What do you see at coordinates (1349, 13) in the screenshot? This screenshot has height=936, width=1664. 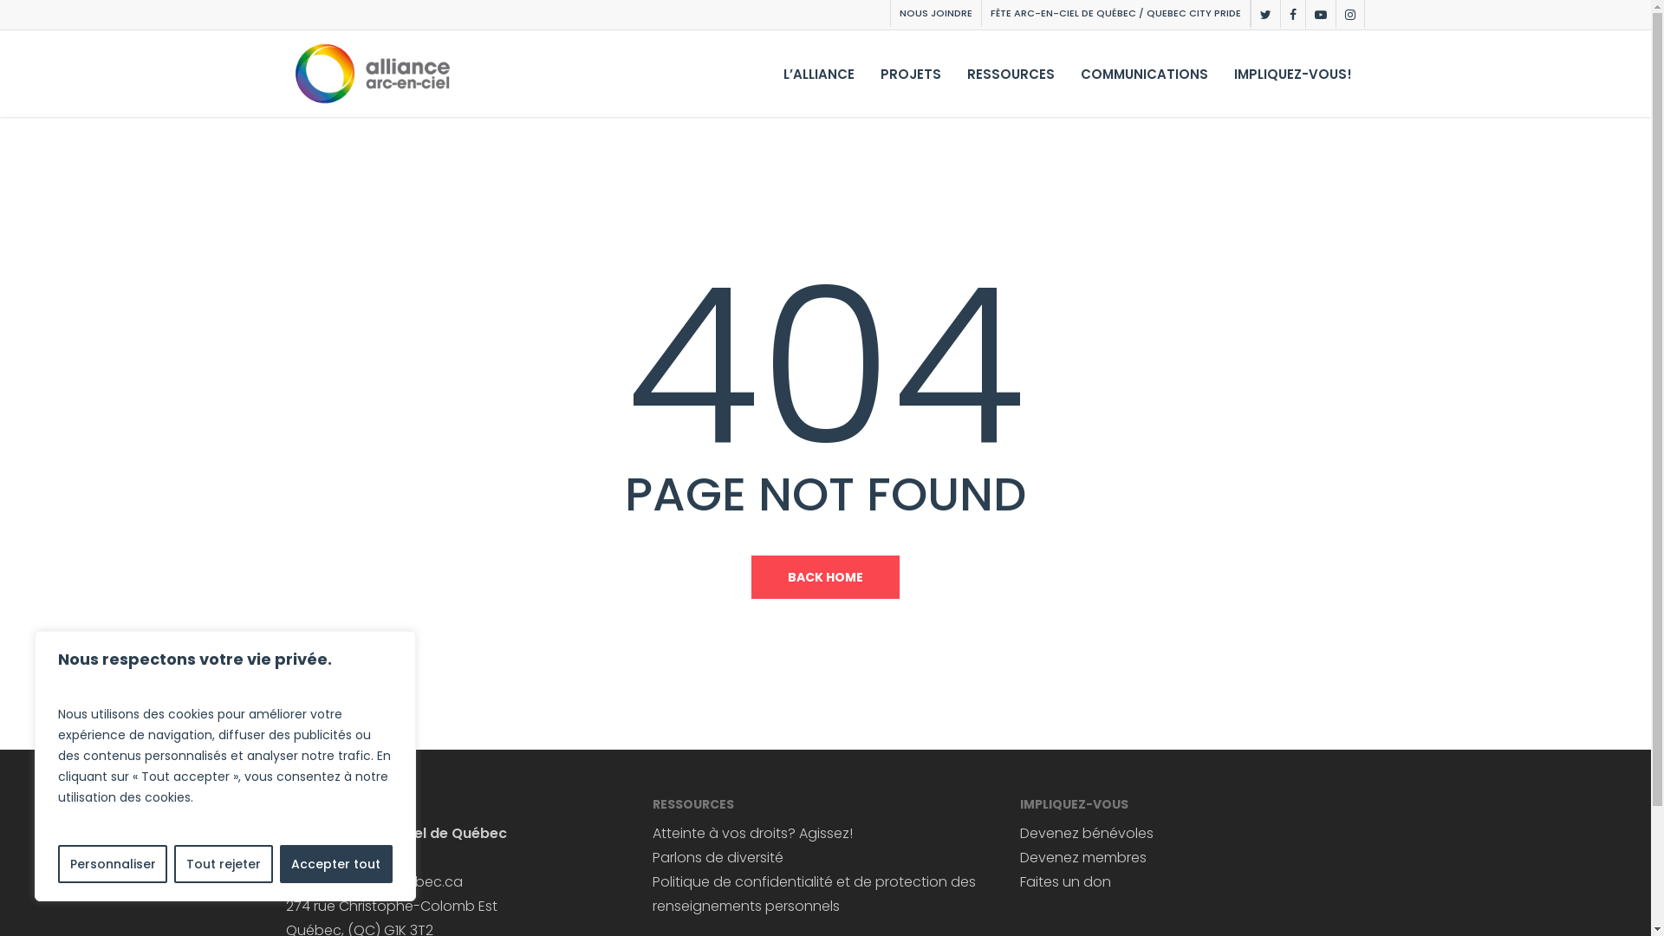 I see `'INSTAGRAM'` at bounding box center [1349, 13].